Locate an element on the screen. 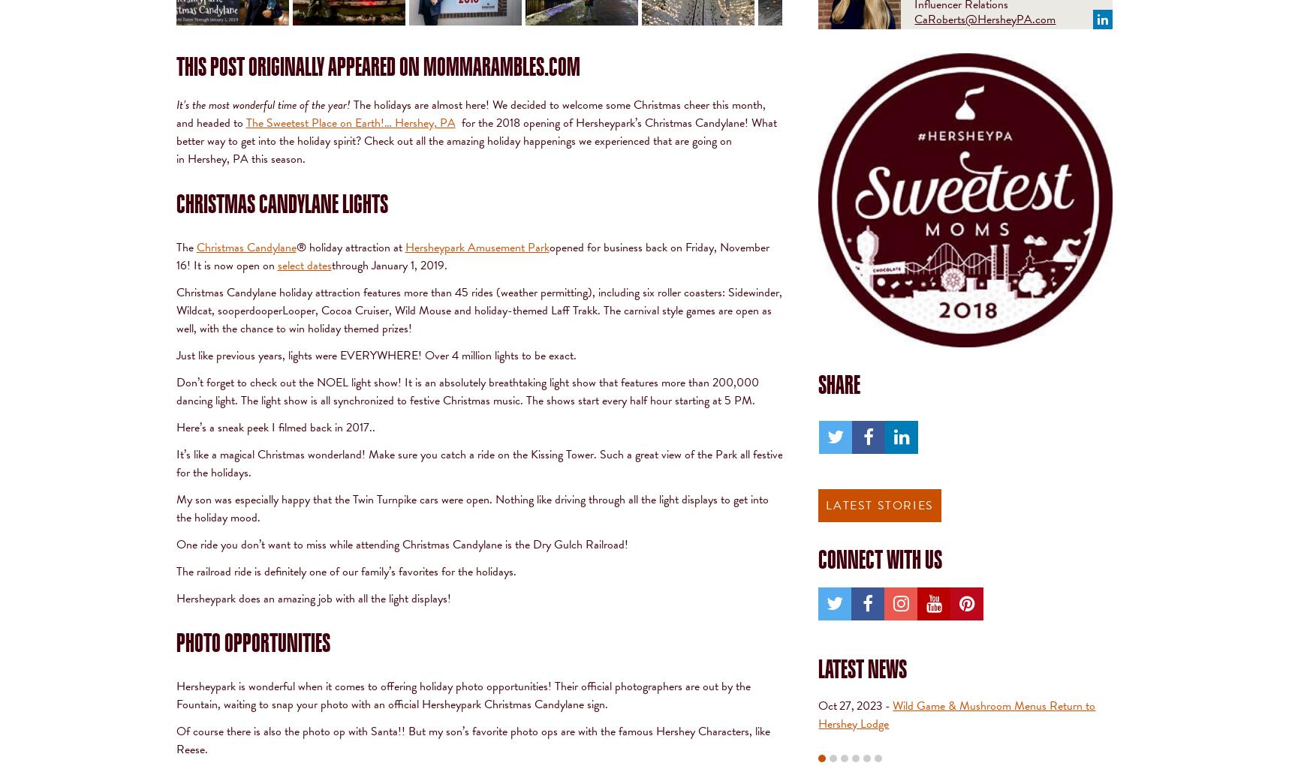 The image size is (1289, 766). 'Connect With Us' is located at coordinates (818, 558).